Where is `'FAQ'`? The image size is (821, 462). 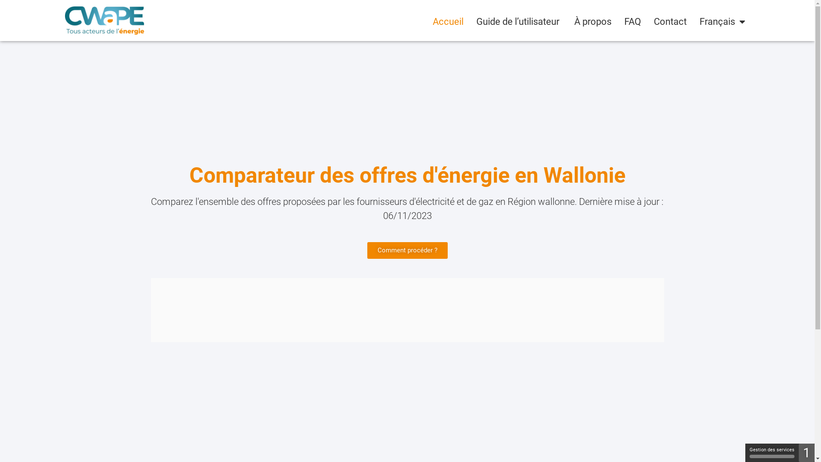 'FAQ' is located at coordinates (632, 21).